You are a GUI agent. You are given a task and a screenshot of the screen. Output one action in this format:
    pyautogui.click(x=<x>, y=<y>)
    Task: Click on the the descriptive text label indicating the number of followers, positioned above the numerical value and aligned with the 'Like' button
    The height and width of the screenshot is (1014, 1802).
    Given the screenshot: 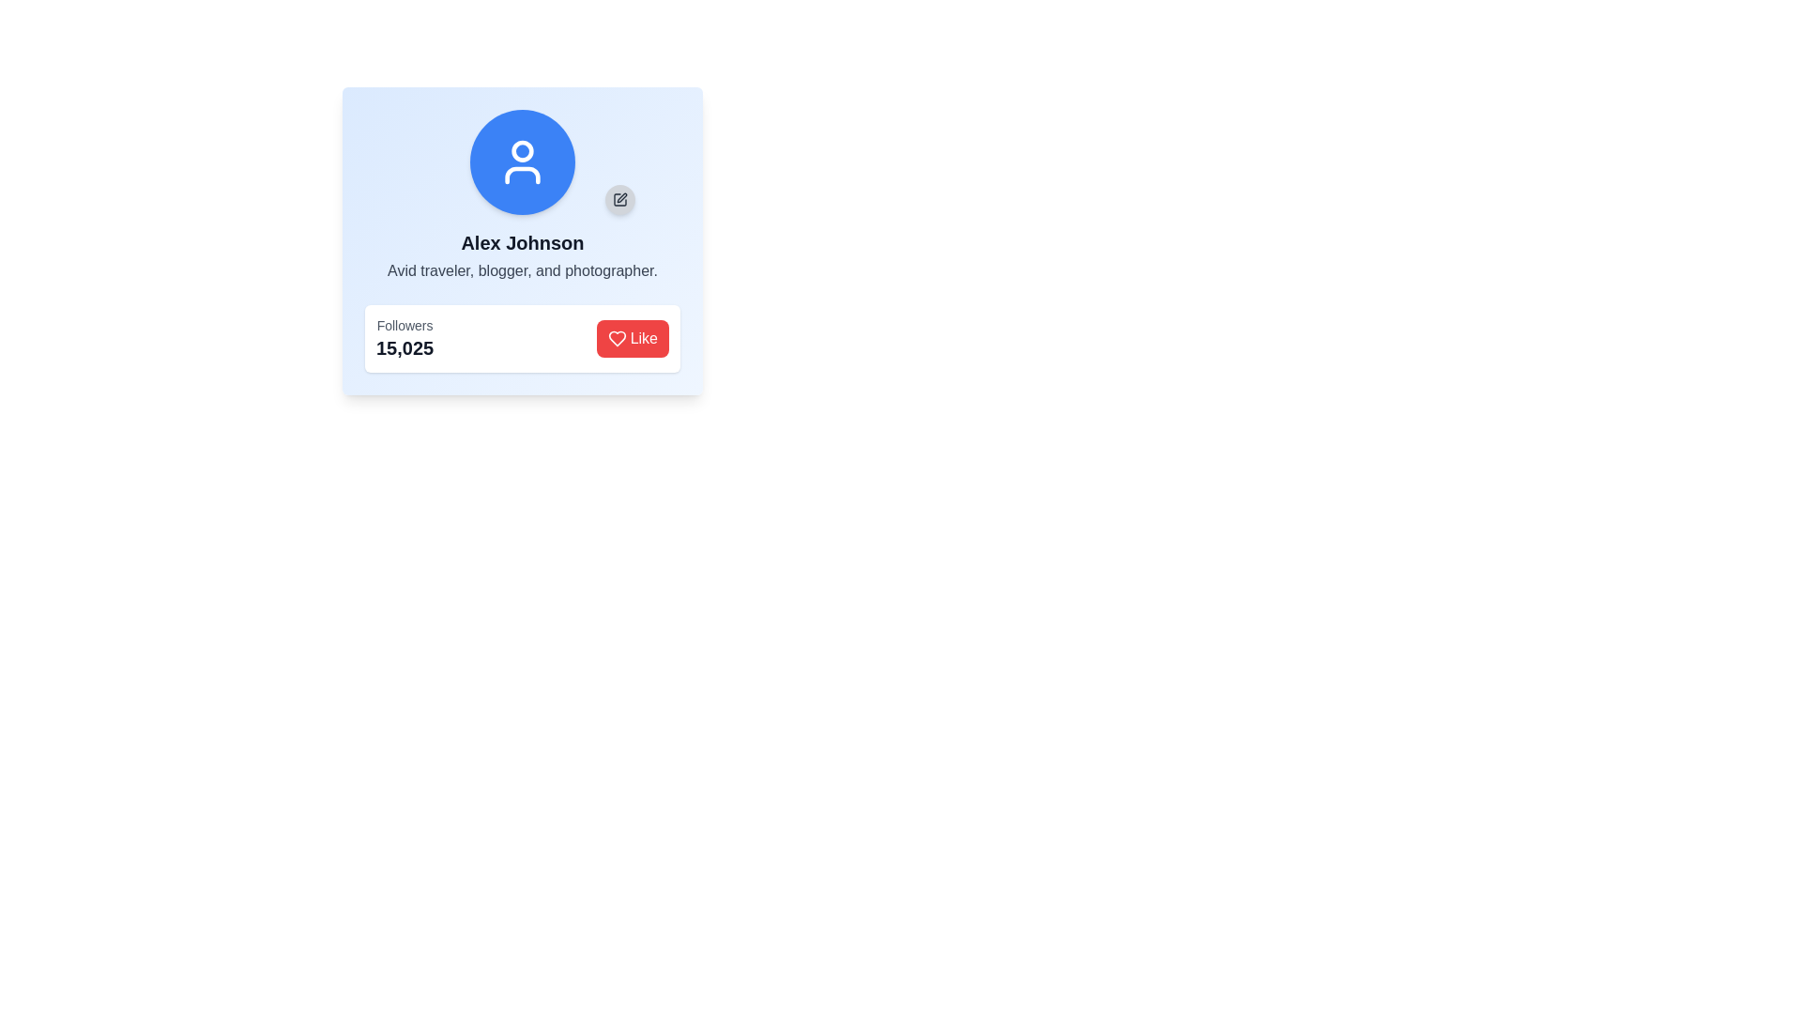 What is the action you would take?
    pyautogui.click(x=404, y=325)
    